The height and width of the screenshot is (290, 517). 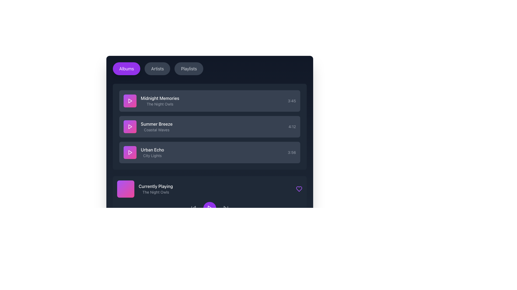 What do you see at coordinates (226, 208) in the screenshot?
I see `the media control button located at the far right of the control group to skip forward to the next track` at bounding box center [226, 208].